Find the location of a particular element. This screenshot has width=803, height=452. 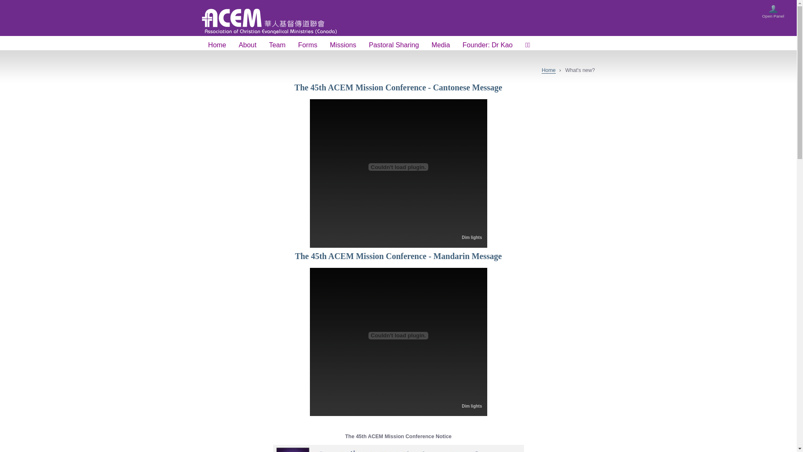

'JoomlaWorks AllVideos Player' is located at coordinates (314, 167).